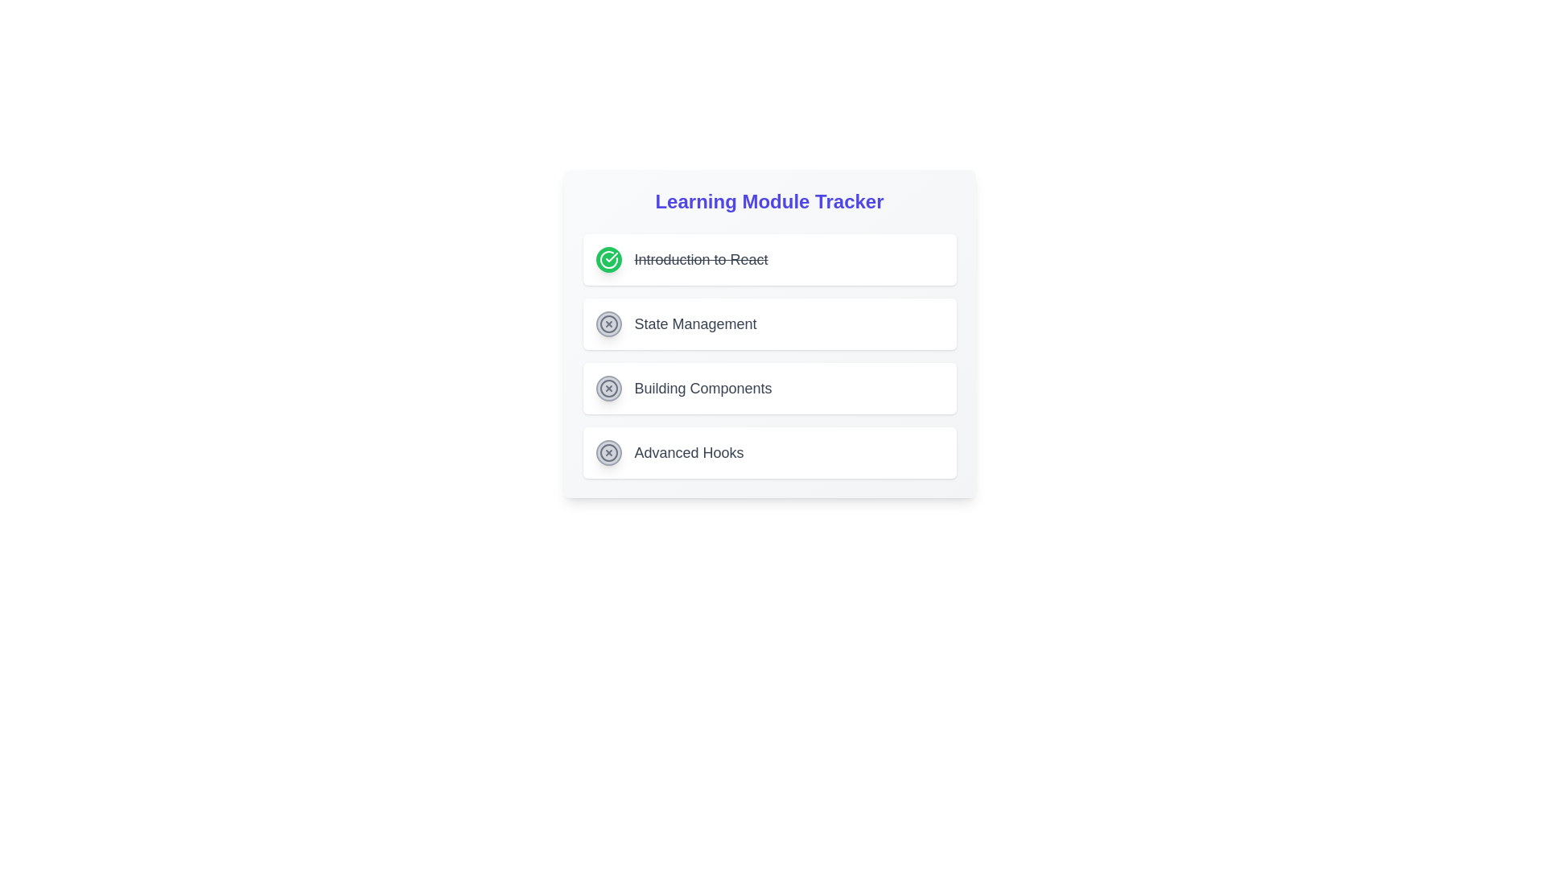 The image size is (1545, 869). What do you see at coordinates (702, 388) in the screenshot?
I see `the 'Building Components' text label, which is styled with a medium-weight font in gray color and is the third item in a vertically-stacked list within the 'Learning Module Tracker' interface` at bounding box center [702, 388].